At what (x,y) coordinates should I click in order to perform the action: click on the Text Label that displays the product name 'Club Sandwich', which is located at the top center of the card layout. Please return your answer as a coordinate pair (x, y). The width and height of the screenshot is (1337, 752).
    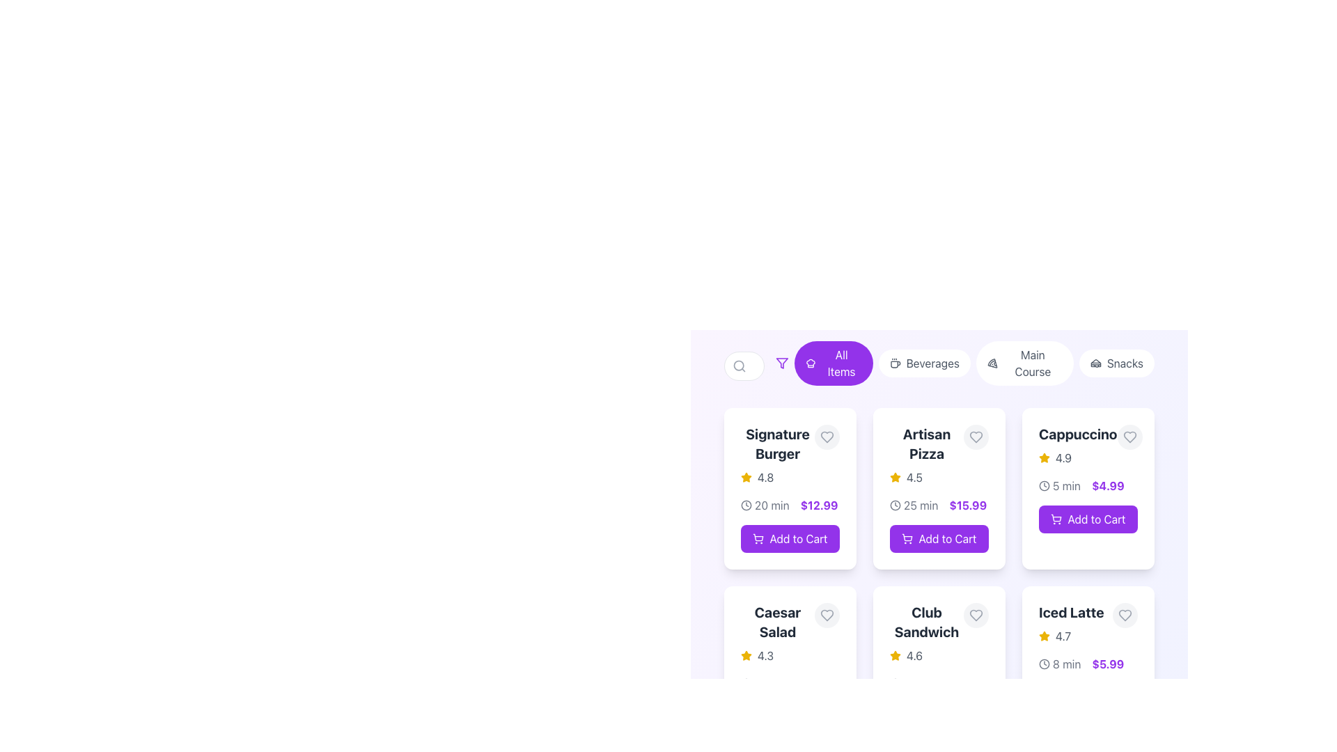
    Looking at the image, I should click on (926, 622).